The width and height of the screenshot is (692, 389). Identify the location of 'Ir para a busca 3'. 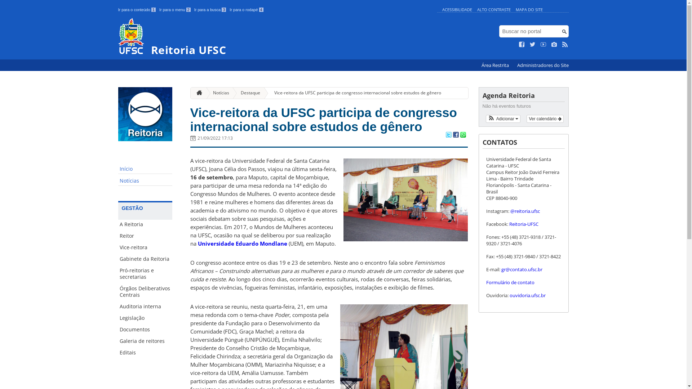
(210, 10).